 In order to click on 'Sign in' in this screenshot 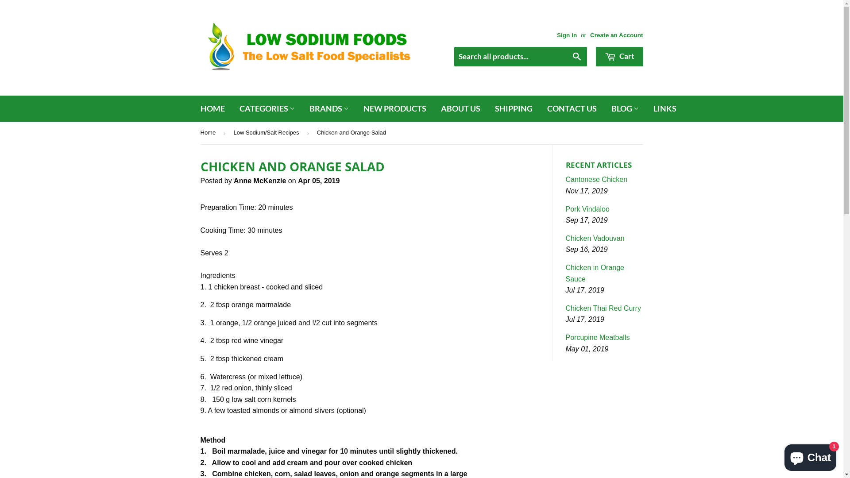, I will do `click(567, 35)`.